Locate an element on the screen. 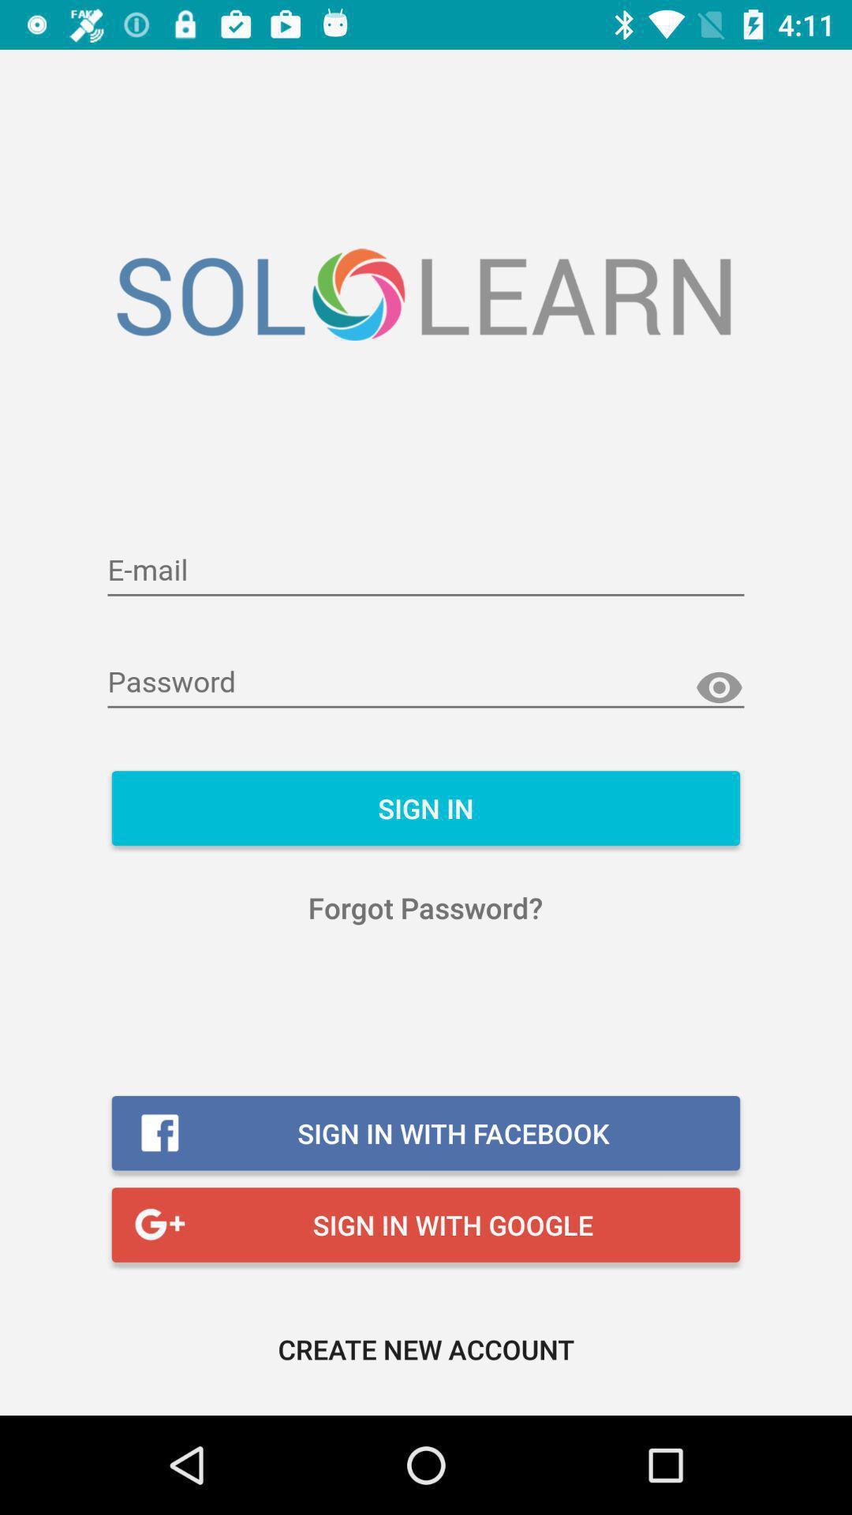 The image size is (852, 1515). the create new account item is located at coordinates (426, 1348).